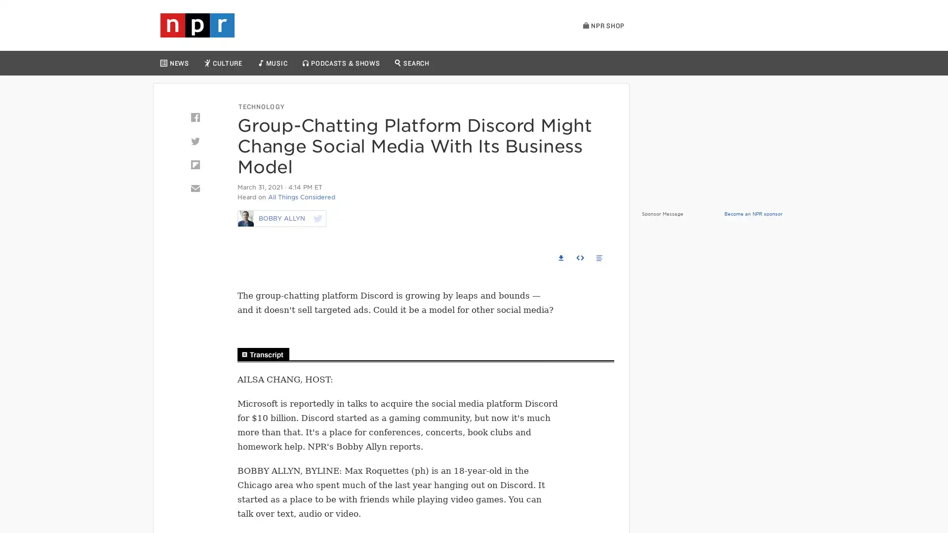 The width and height of the screenshot is (948, 533). Describe the element at coordinates (195, 117) in the screenshot. I see `Facebook` at that location.